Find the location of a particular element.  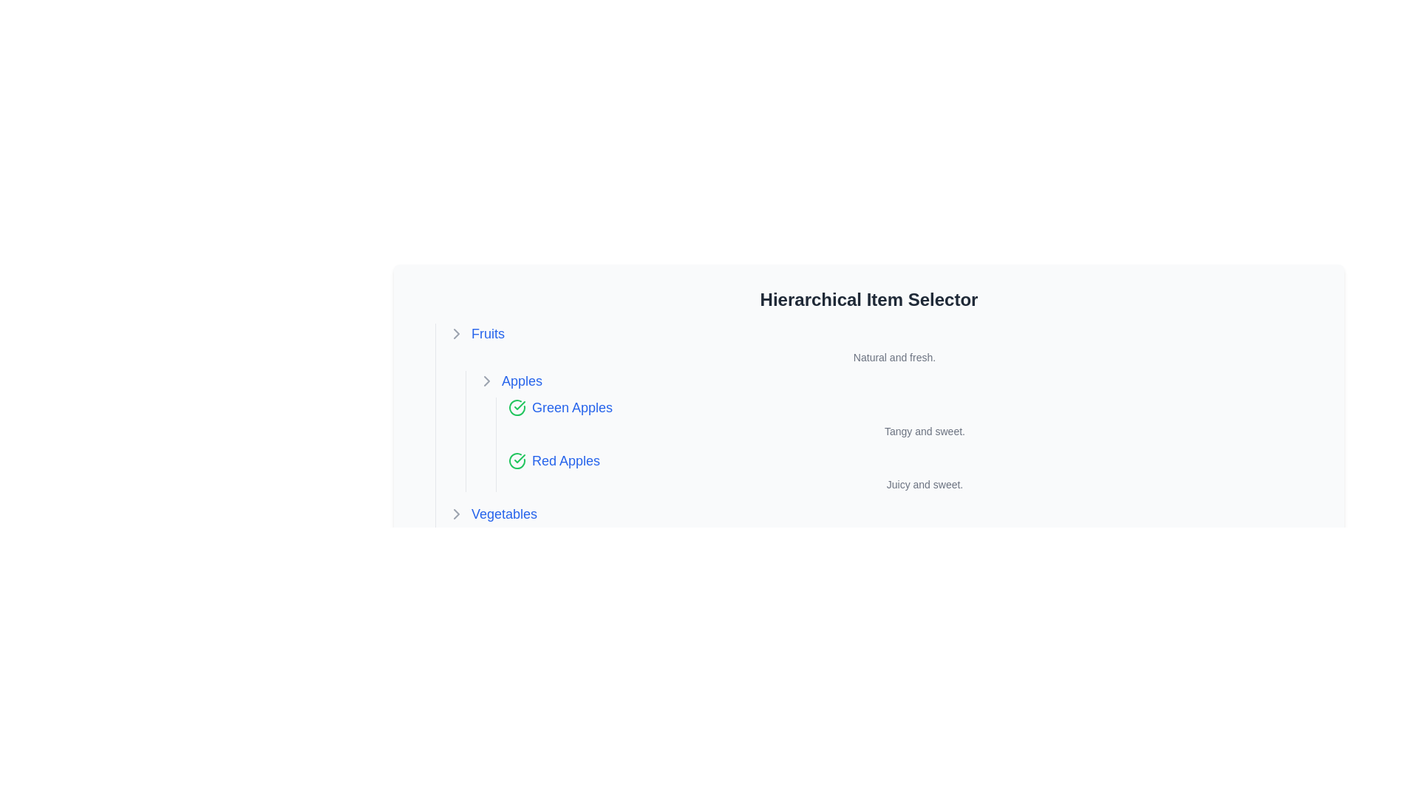

the text label displaying 'Apples' is located at coordinates (522, 381).